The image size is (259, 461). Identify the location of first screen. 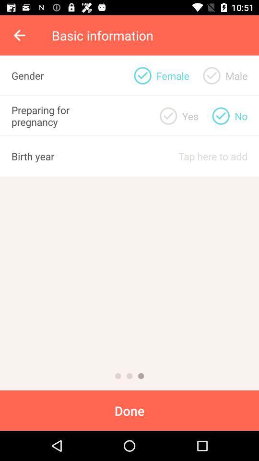
(118, 376).